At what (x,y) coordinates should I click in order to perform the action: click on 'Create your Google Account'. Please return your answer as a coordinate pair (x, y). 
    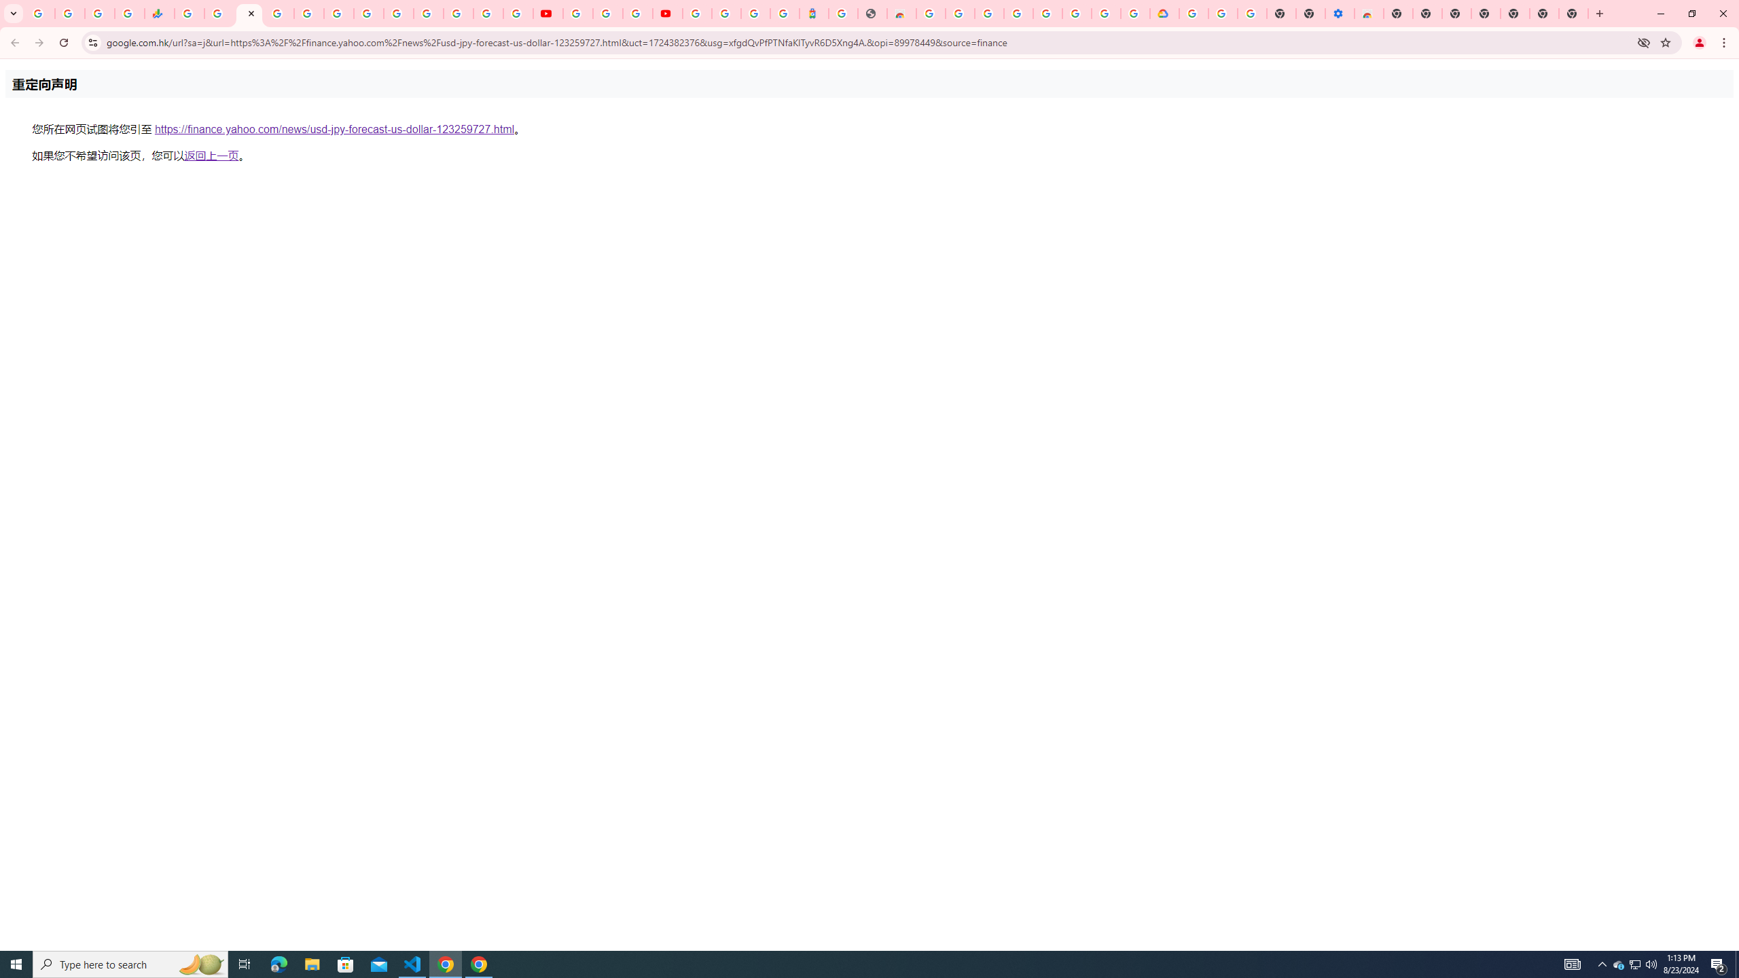
    Looking at the image, I should click on (637, 13).